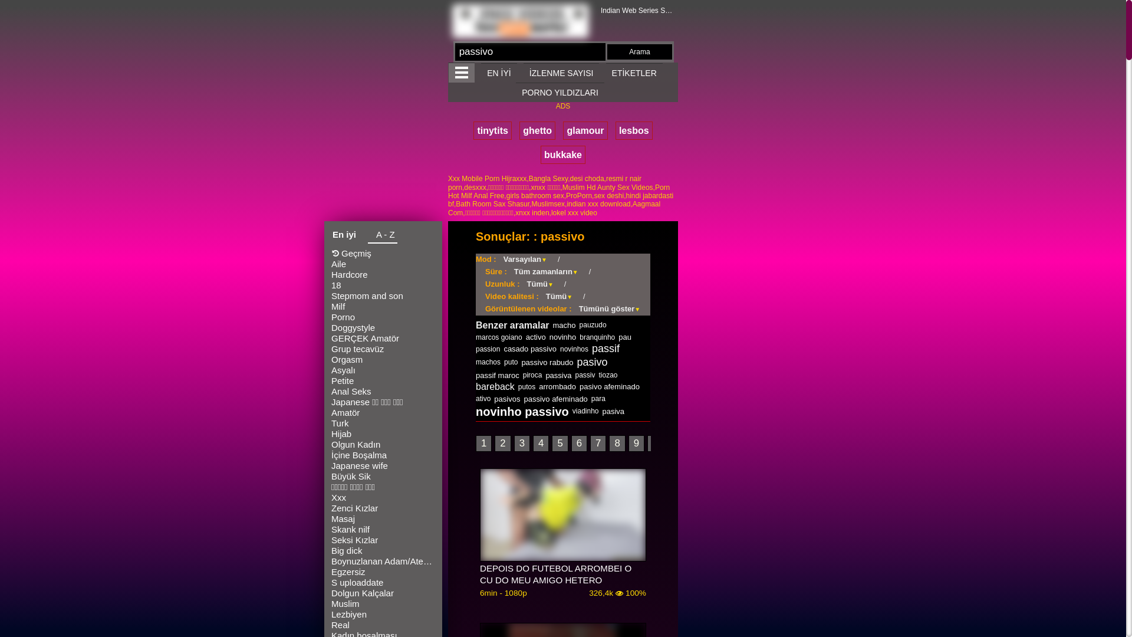 Image resolution: width=1132 pixels, height=637 pixels. What do you see at coordinates (330, 380) in the screenshot?
I see `'Petite'` at bounding box center [330, 380].